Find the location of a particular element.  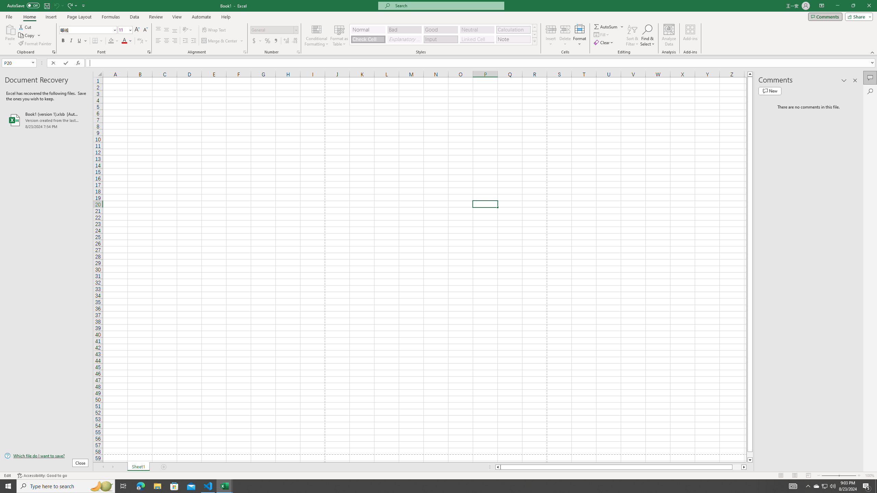

'Page right' is located at coordinates (736, 467).